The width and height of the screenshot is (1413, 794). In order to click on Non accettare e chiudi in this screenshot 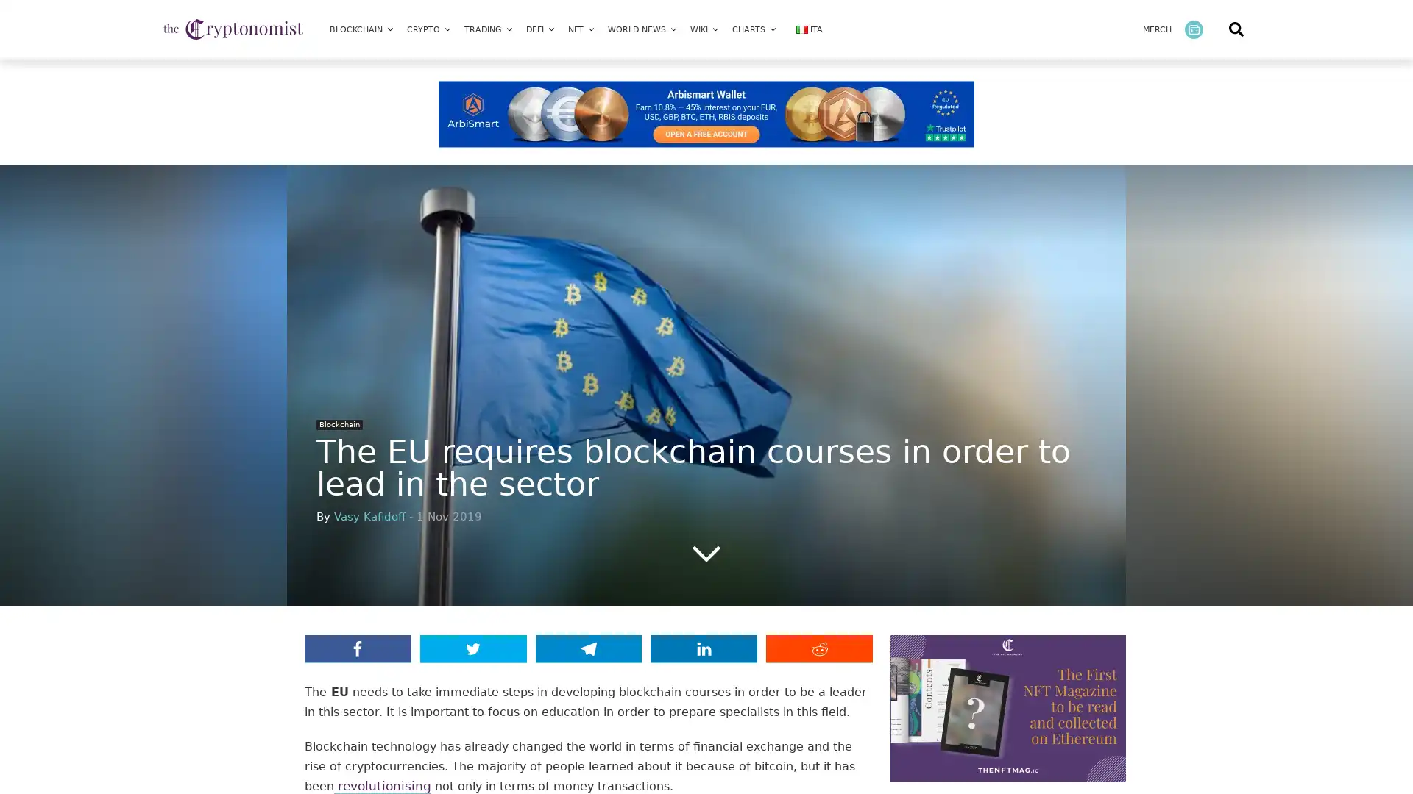, I will do `click(1022, 659)`.